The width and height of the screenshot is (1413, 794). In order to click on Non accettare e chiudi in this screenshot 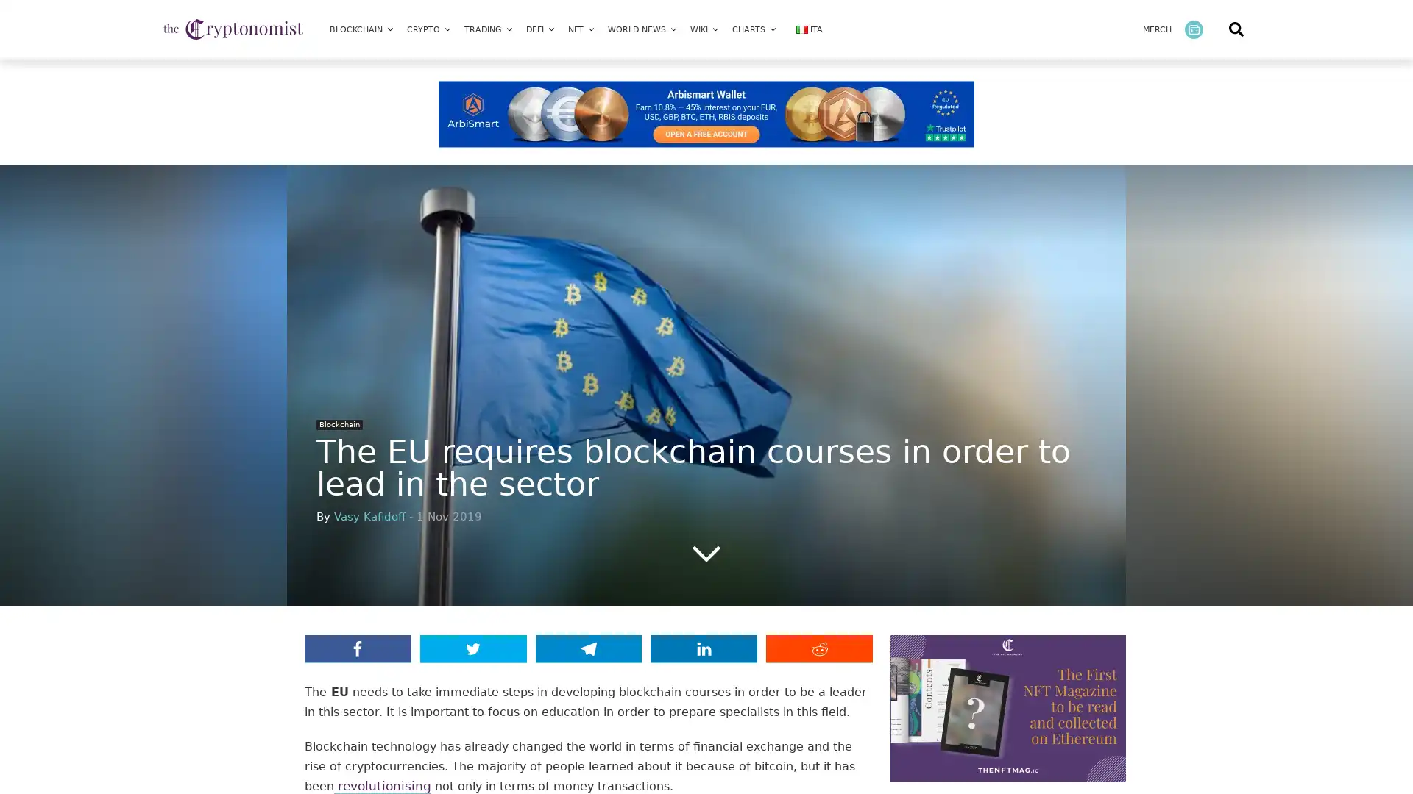, I will do `click(1022, 659)`.